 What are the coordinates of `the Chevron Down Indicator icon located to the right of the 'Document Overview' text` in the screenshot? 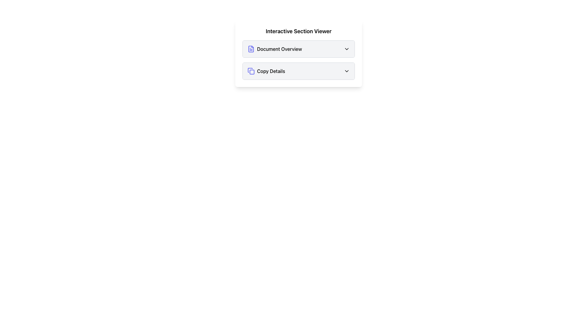 It's located at (347, 49).